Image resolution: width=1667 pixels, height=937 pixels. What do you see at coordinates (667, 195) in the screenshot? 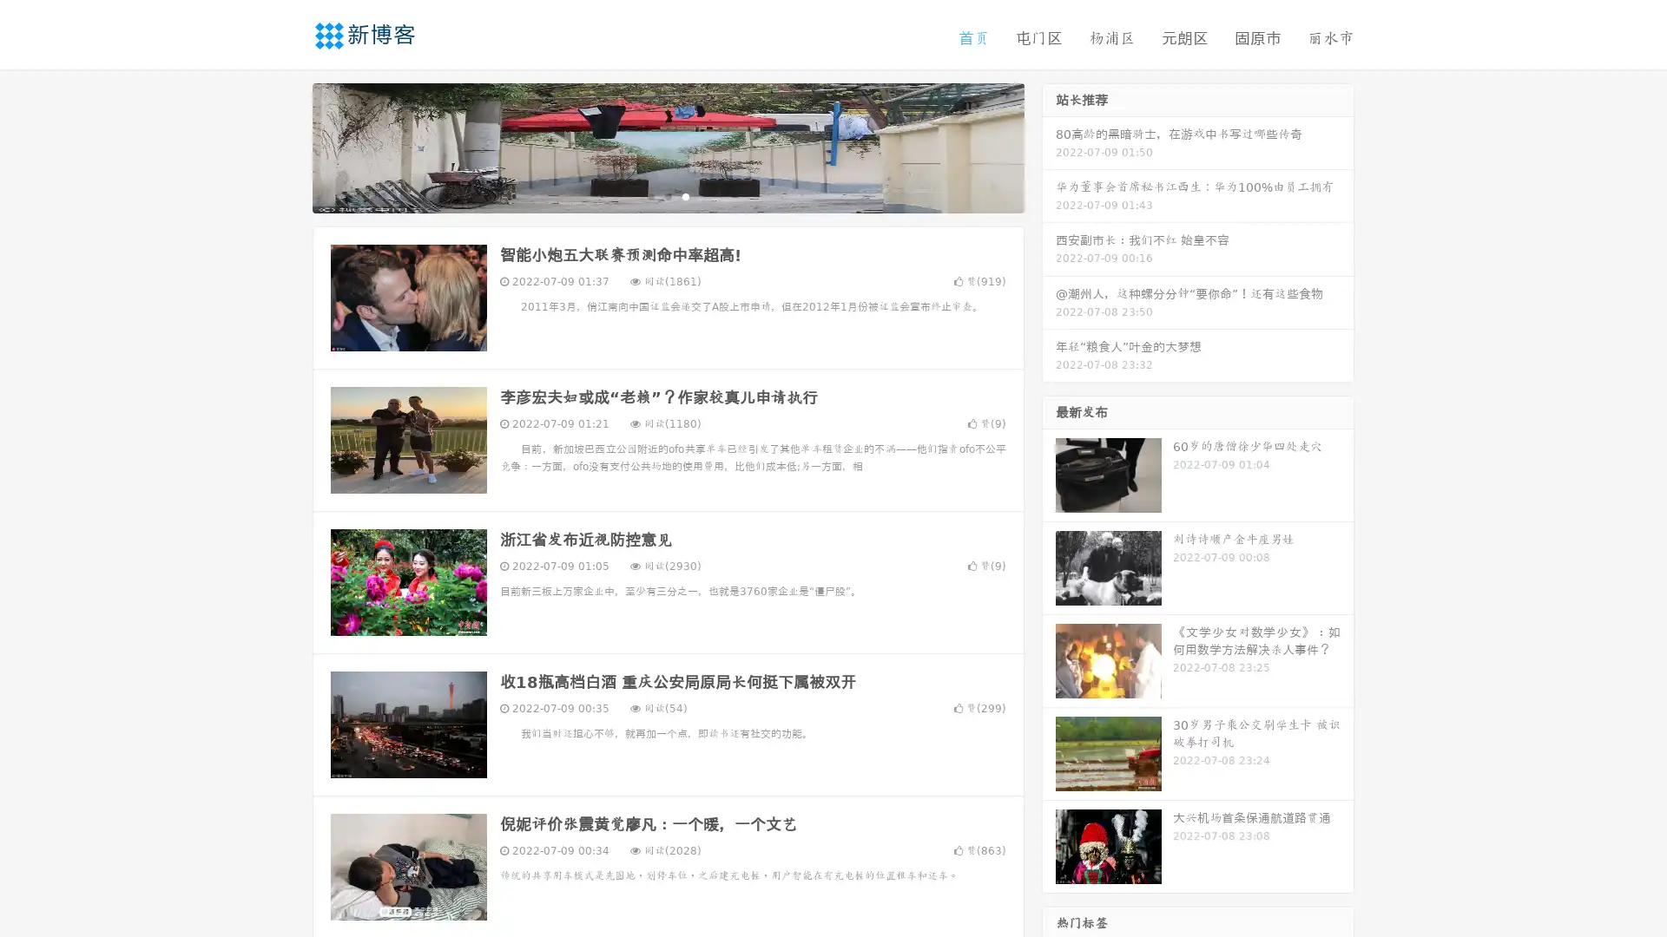
I see `Go to slide 2` at bounding box center [667, 195].